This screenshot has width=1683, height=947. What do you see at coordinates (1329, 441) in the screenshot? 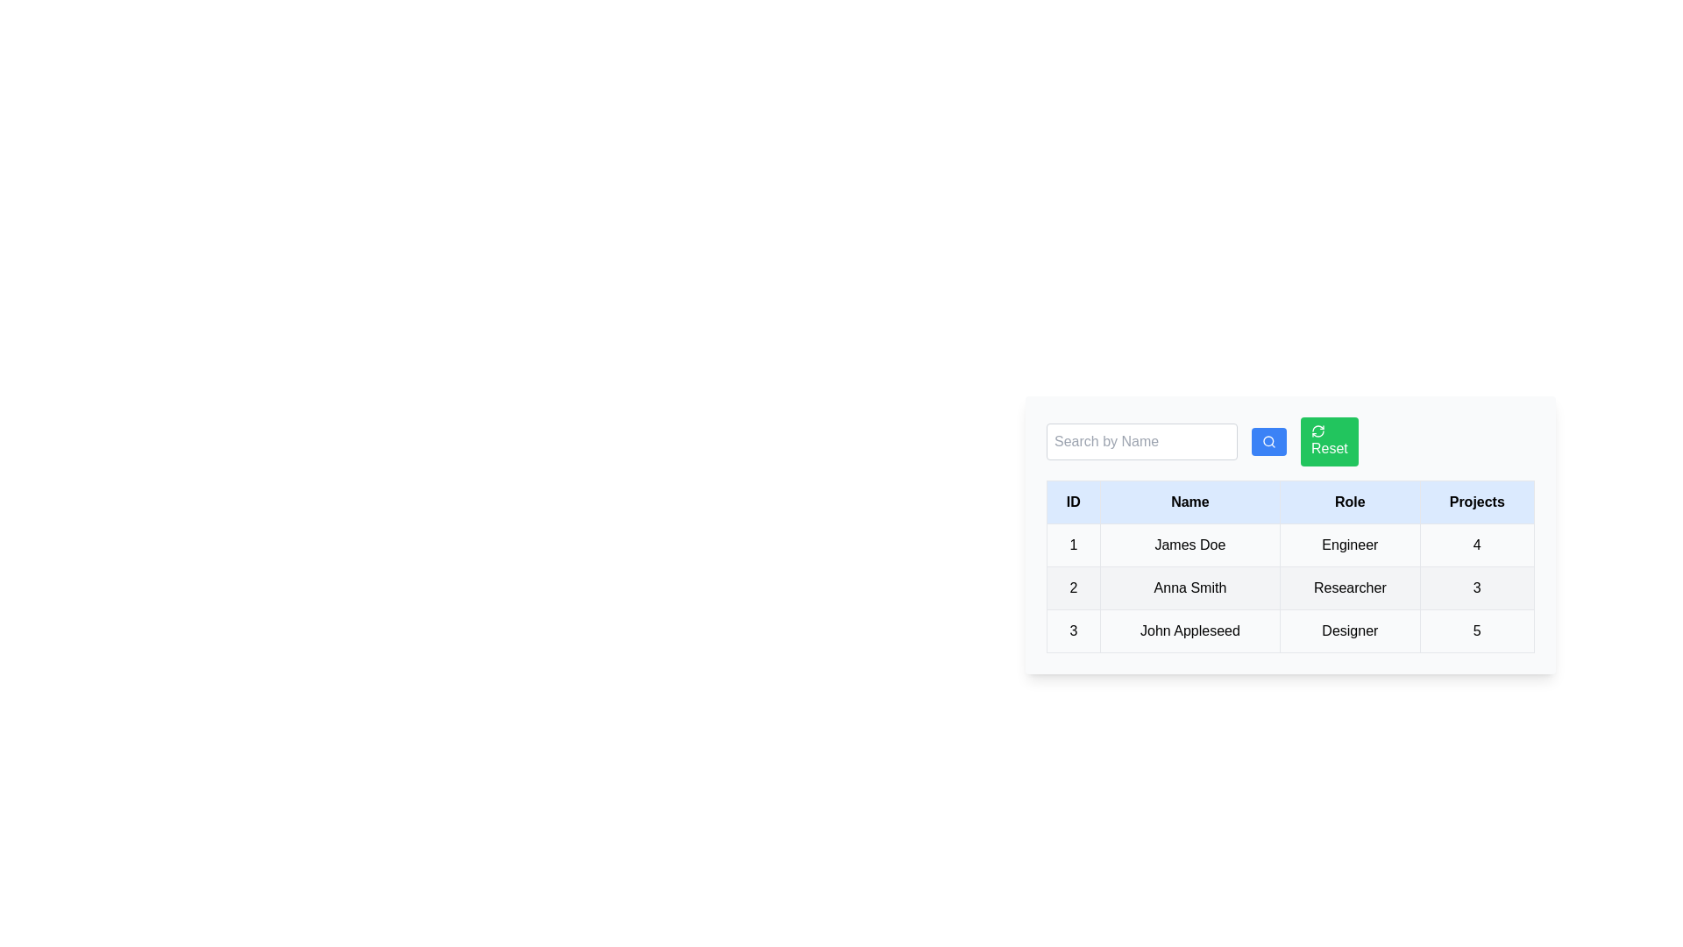
I see `reset button to reset the table` at bounding box center [1329, 441].